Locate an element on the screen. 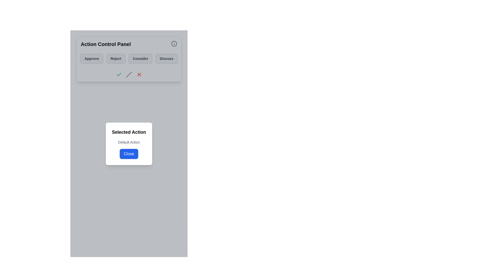  the icon group located centrally below the row of action buttons is located at coordinates (129, 74).